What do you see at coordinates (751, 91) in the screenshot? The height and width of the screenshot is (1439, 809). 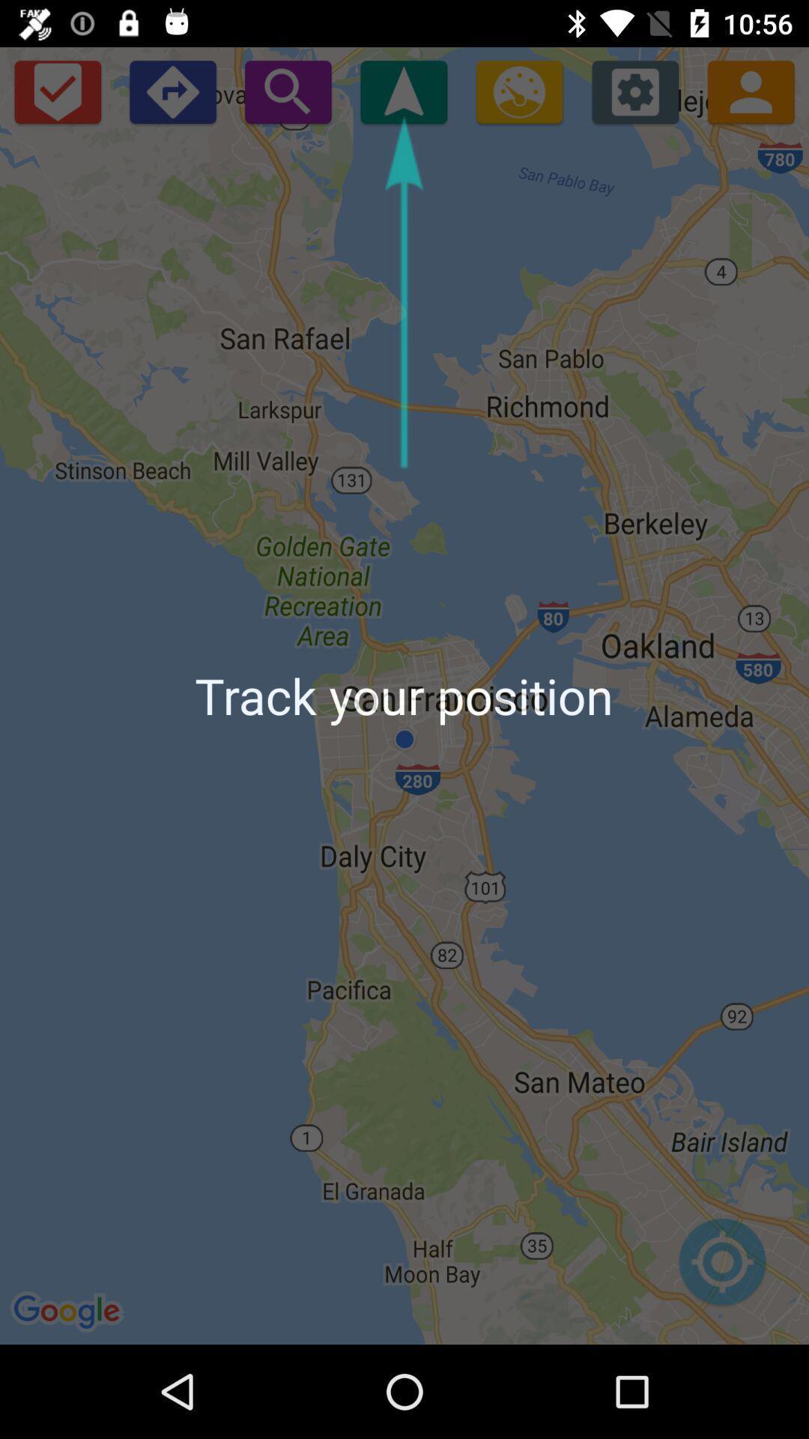 I see `the avatar icon` at bounding box center [751, 91].